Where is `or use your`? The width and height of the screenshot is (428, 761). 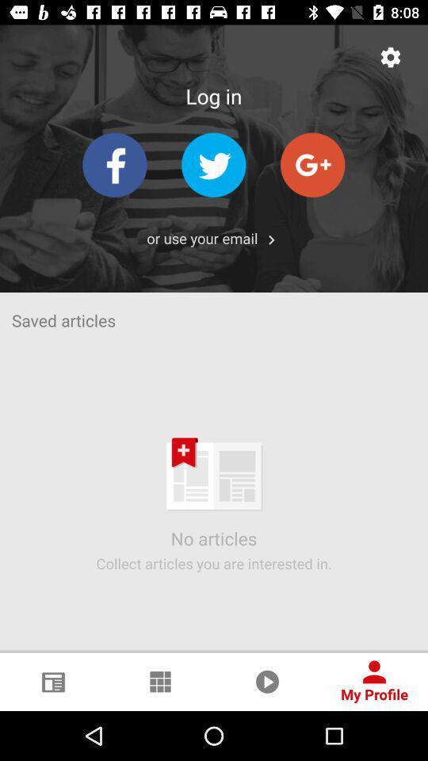
or use your is located at coordinates (202, 237).